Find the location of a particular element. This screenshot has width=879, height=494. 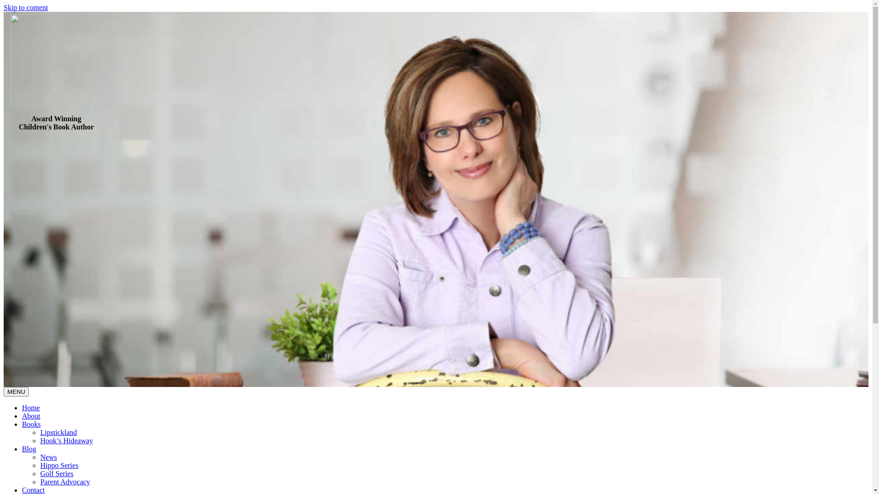

'Blog' is located at coordinates (29, 448).